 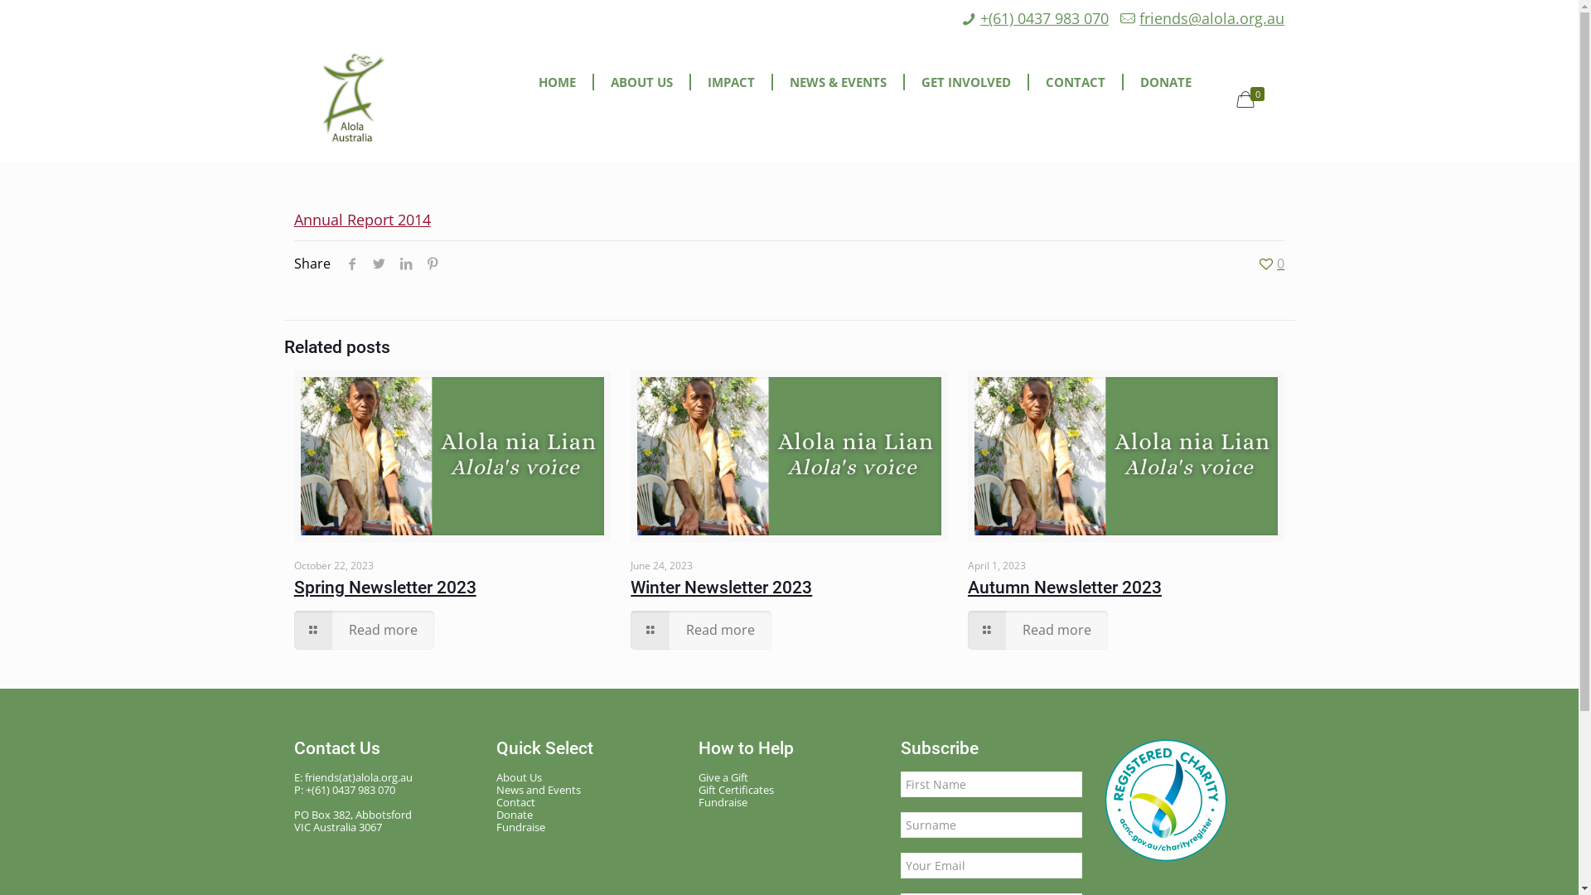 I want to click on 'ABOUT US', so click(x=641, y=82).